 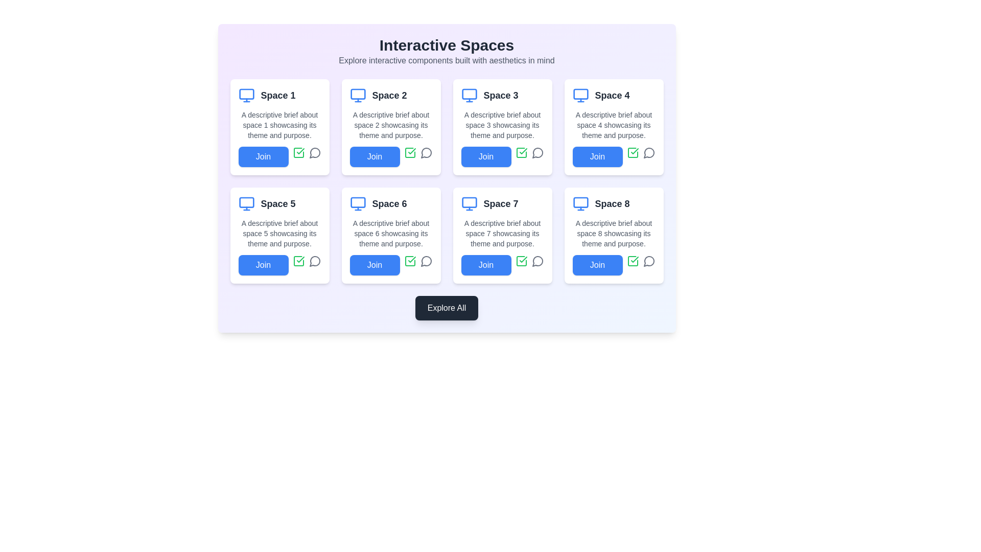 I want to click on the small green checkmark icon located in 'Space 7' of the bottom row grid, which is positioned to the right of the 'Join' button, so click(x=523, y=259).